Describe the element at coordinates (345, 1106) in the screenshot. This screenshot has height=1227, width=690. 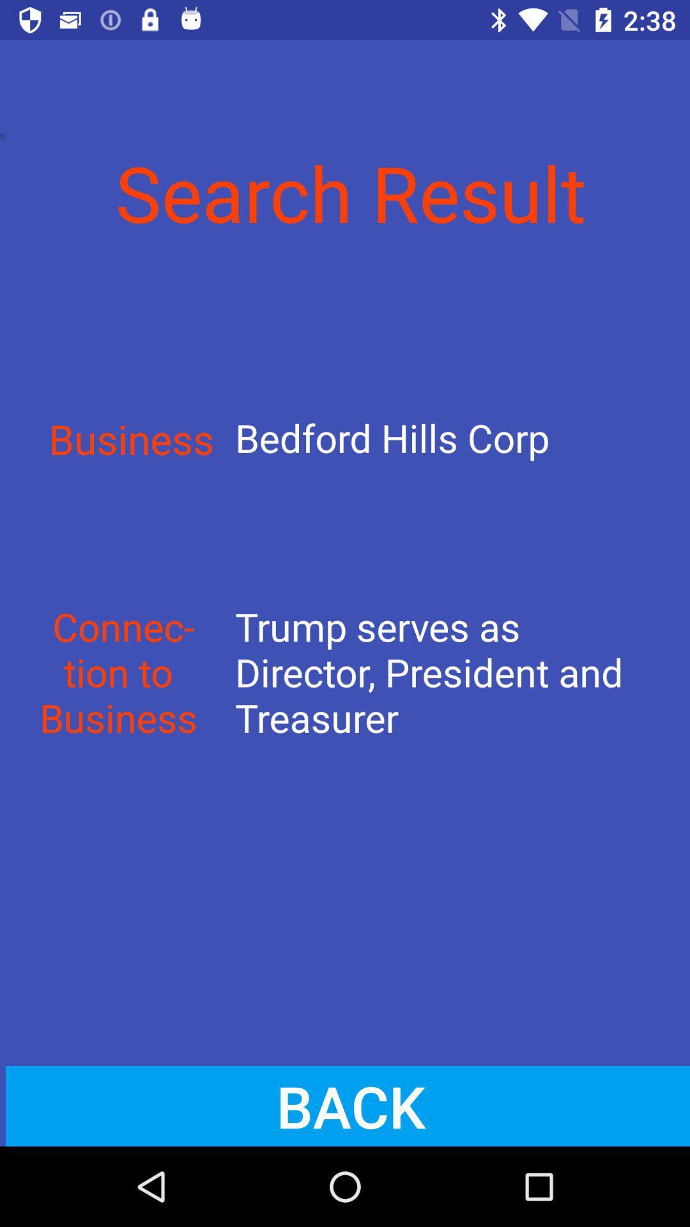
I see `app below connection to business item` at that location.